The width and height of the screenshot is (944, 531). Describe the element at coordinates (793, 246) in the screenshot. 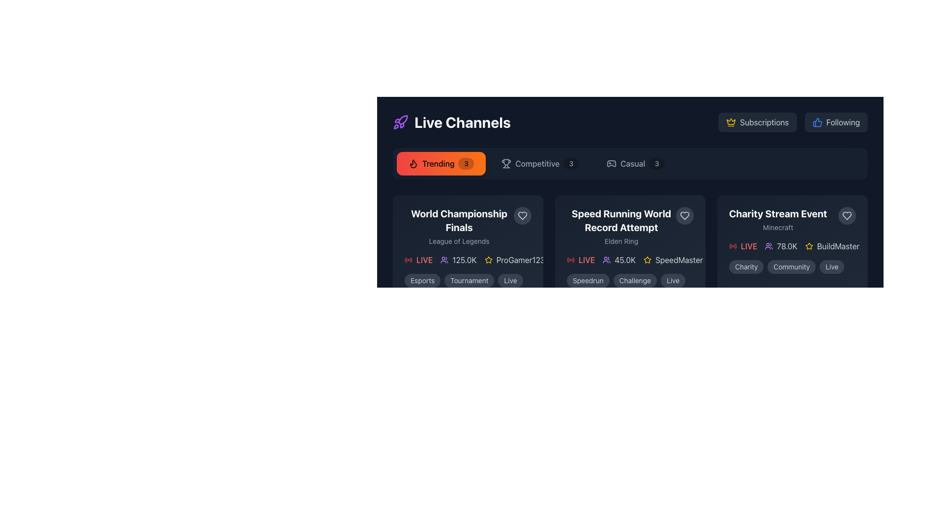

I see `the viewer count on the Composite informational label for the 'Charity Stream Event', which displays '78.0K' centered between the 'LIVE' icon and the username 'BuildMaster'` at that location.